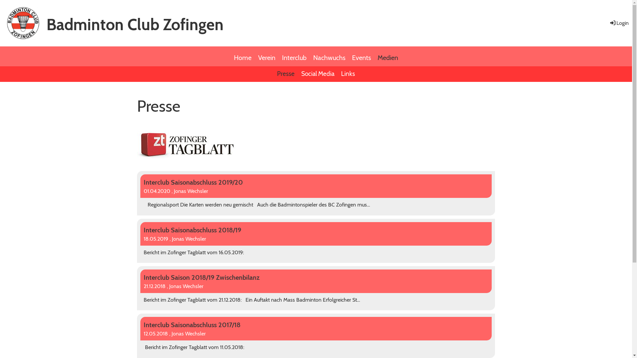  I want to click on 'Login', so click(609, 23).